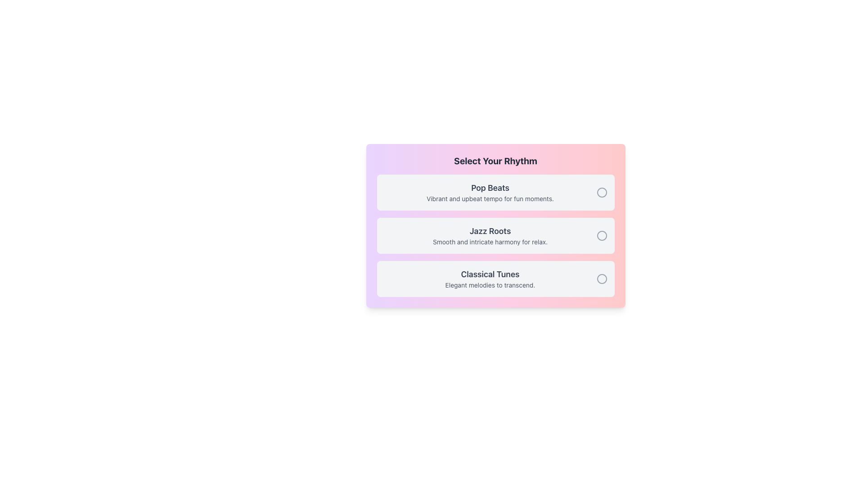  Describe the element at coordinates (490, 198) in the screenshot. I see `the text label that reads 'Vibrant and upbeat tempo for fun moments.' located beneath the heading 'Pop Beats' in the selection card titled 'Select Your Rhythm.'` at that location.